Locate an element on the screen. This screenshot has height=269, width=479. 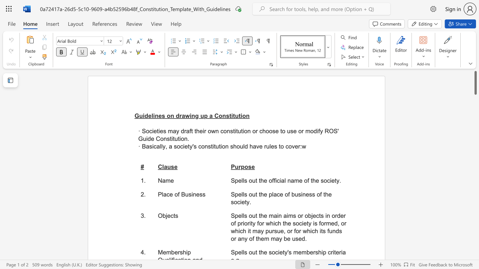
the side scrollbar to bring the page down is located at coordinates (475, 253).